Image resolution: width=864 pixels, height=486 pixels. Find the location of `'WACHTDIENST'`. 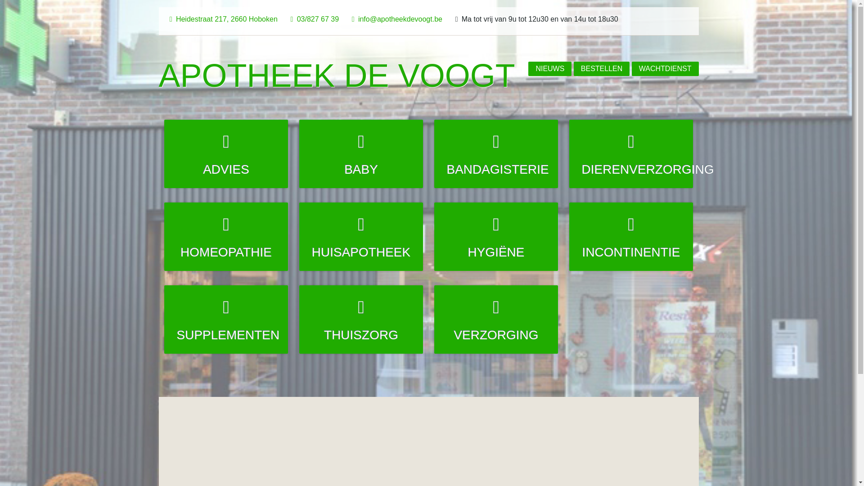

'WACHTDIENST' is located at coordinates (665, 68).